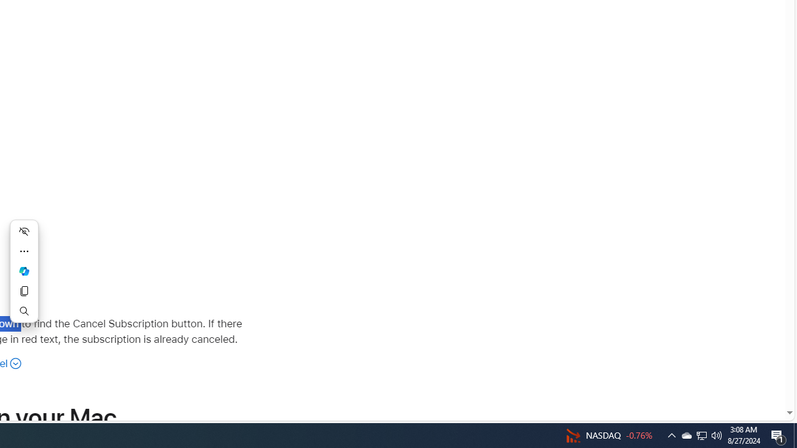  What do you see at coordinates (24, 251) in the screenshot?
I see `'More actions'` at bounding box center [24, 251].